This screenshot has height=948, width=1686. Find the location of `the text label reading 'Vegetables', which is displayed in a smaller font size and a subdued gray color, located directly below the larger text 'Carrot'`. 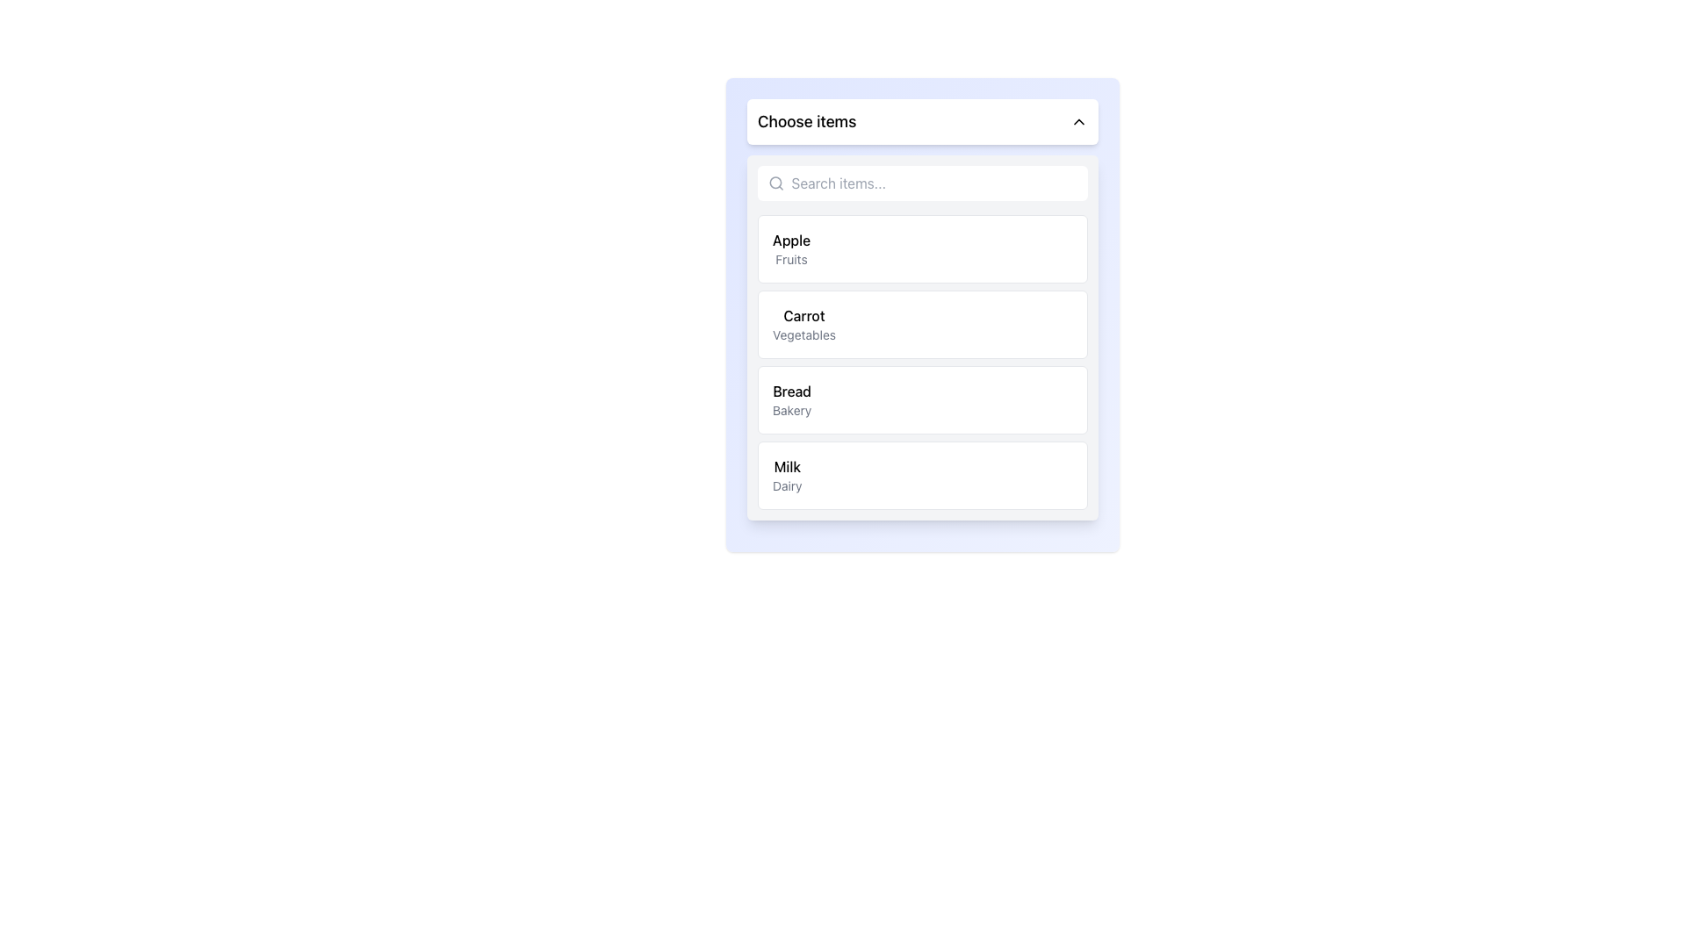

the text label reading 'Vegetables', which is displayed in a smaller font size and a subdued gray color, located directly below the larger text 'Carrot' is located at coordinates (803, 334).